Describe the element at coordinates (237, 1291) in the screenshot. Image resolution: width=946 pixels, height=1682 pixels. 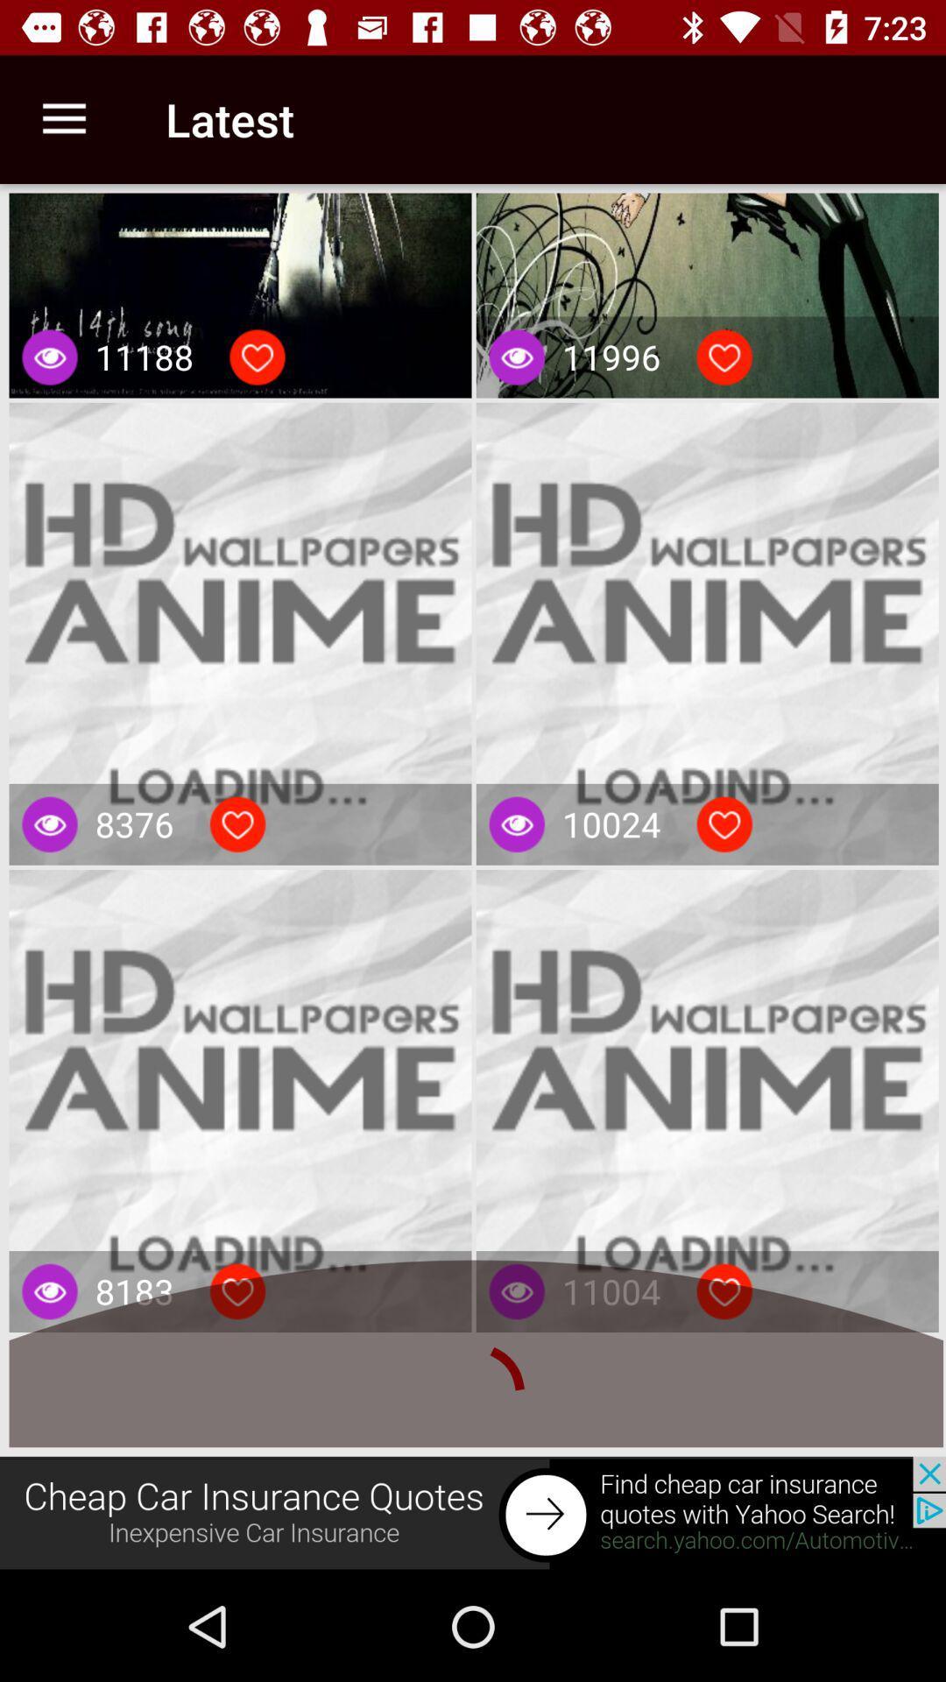
I see `like this` at that location.